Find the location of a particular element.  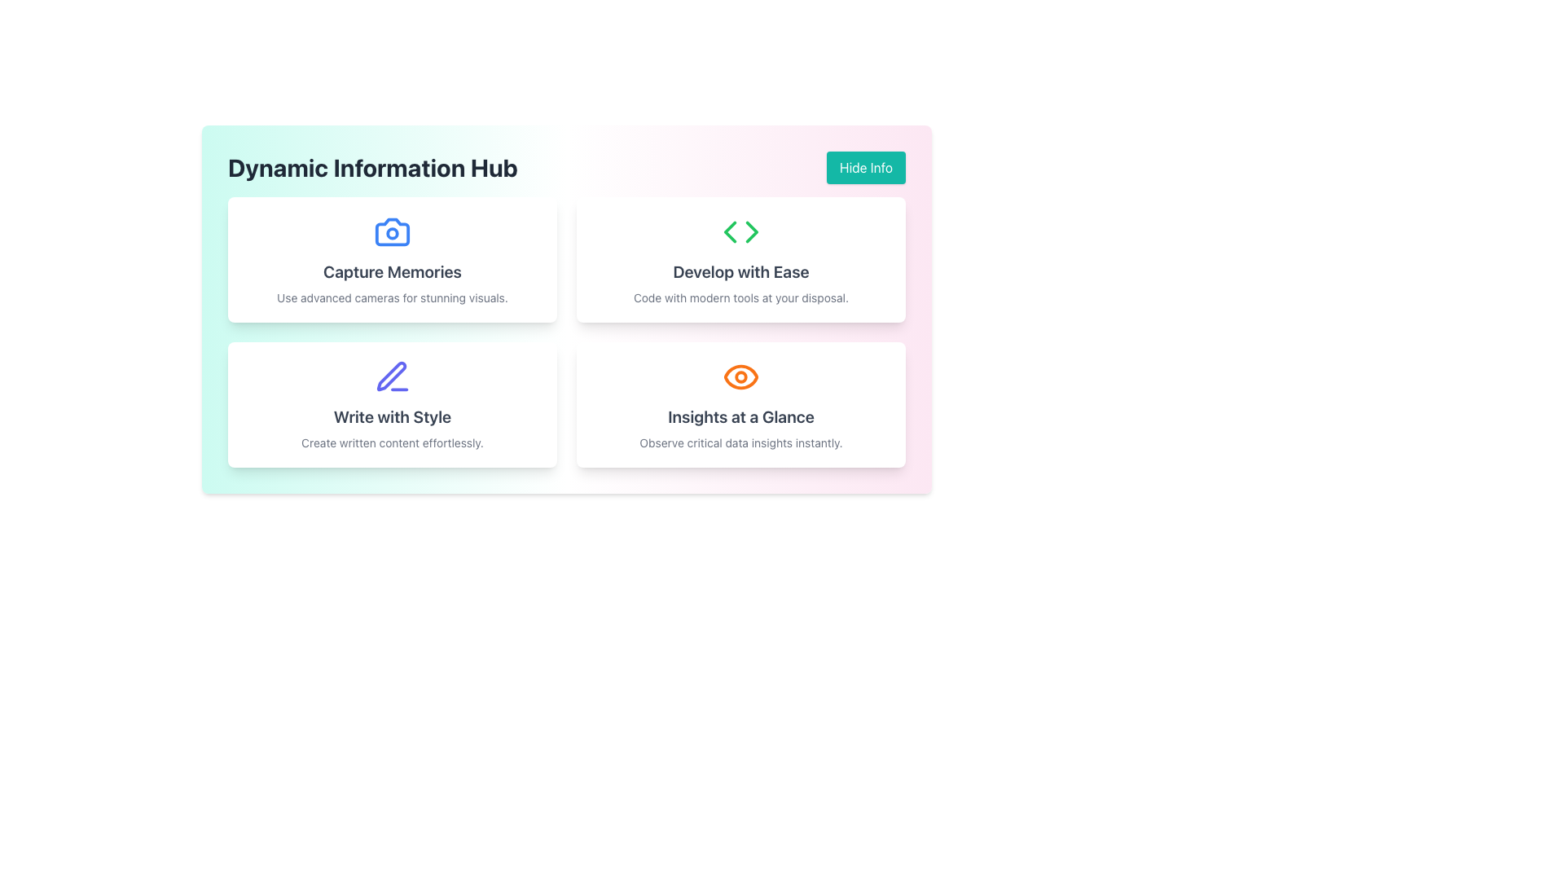

the SVG icon located within the 'Develop with Ease' card in the top-right corner of the grid layout for identification purposes is located at coordinates (740, 232).